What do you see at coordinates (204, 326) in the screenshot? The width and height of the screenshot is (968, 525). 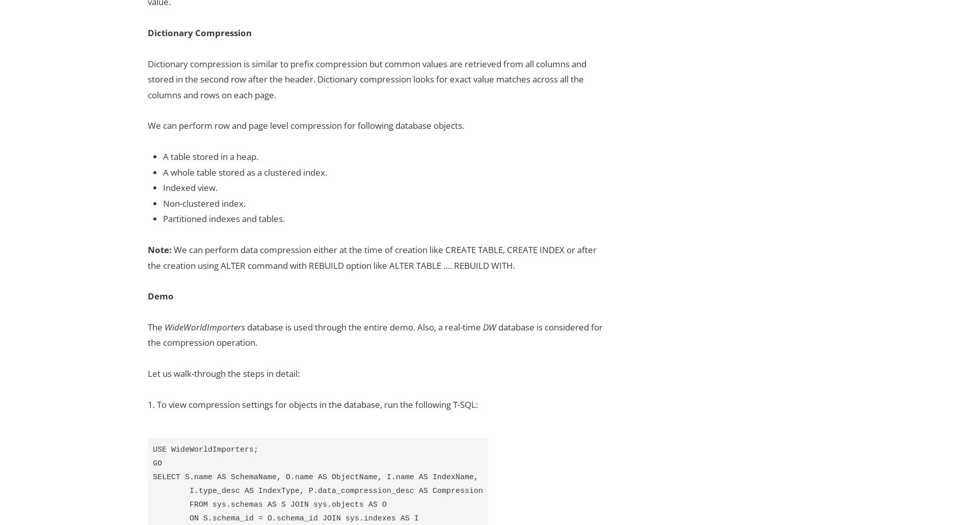 I see `'WideWorldImporters'` at bounding box center [204, 326].